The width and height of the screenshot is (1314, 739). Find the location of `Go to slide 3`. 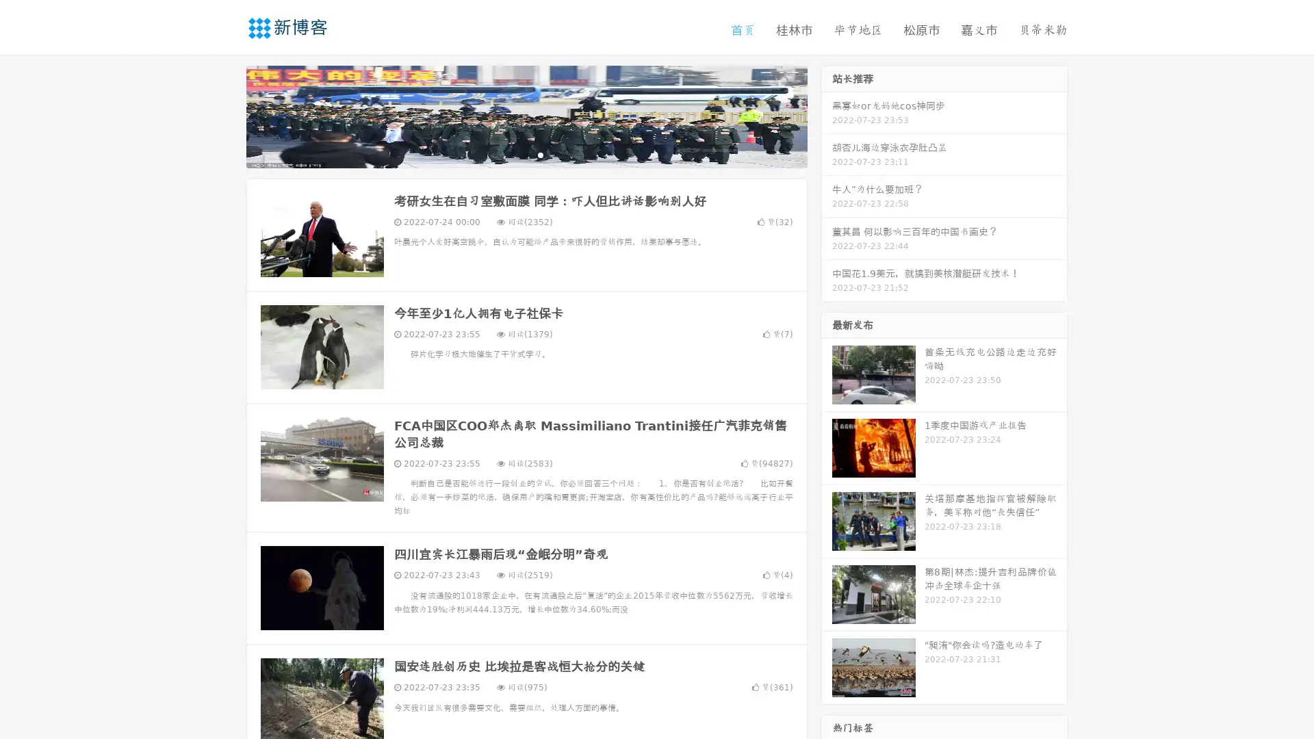

Go to slide 3 is located at coordinates (540, 154).